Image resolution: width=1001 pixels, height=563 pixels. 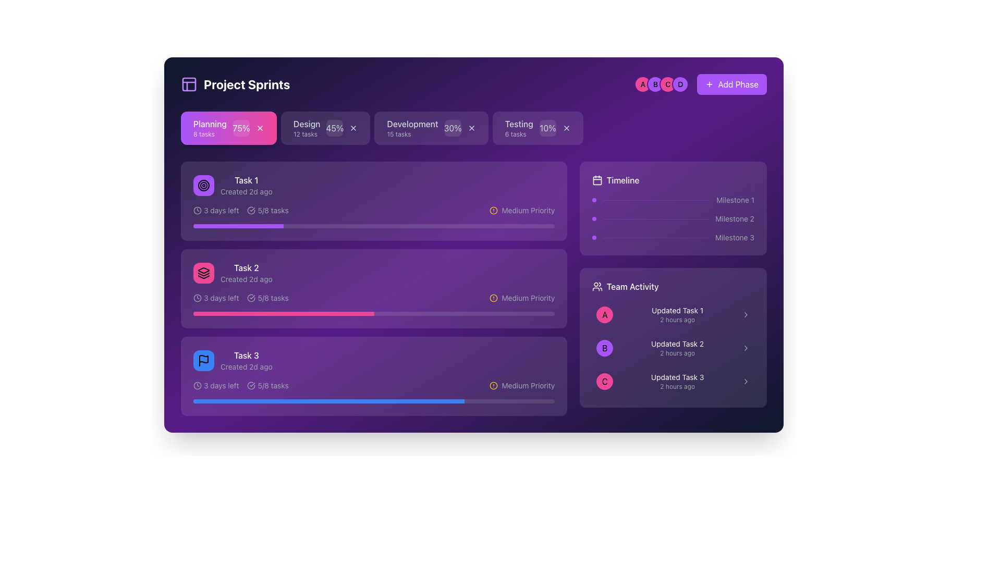 I want to click on text of the Label with icon that indicates task progress, specifically showing '5 out of 8 tasks completed' located in the first task card of the project sprint display, so click(x=268, y=211).